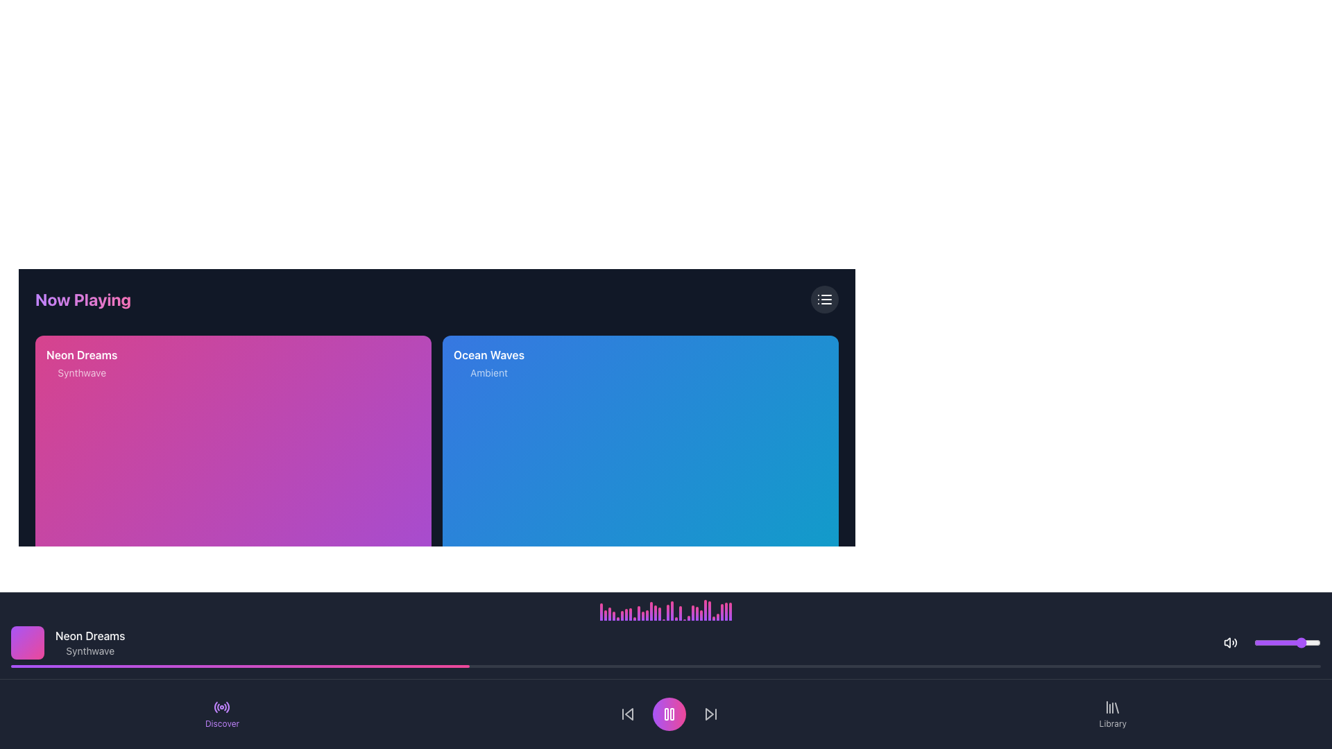  I want to click on the 'Library' icon located at the bottom-right corner of the interface, so click(1113, 707).